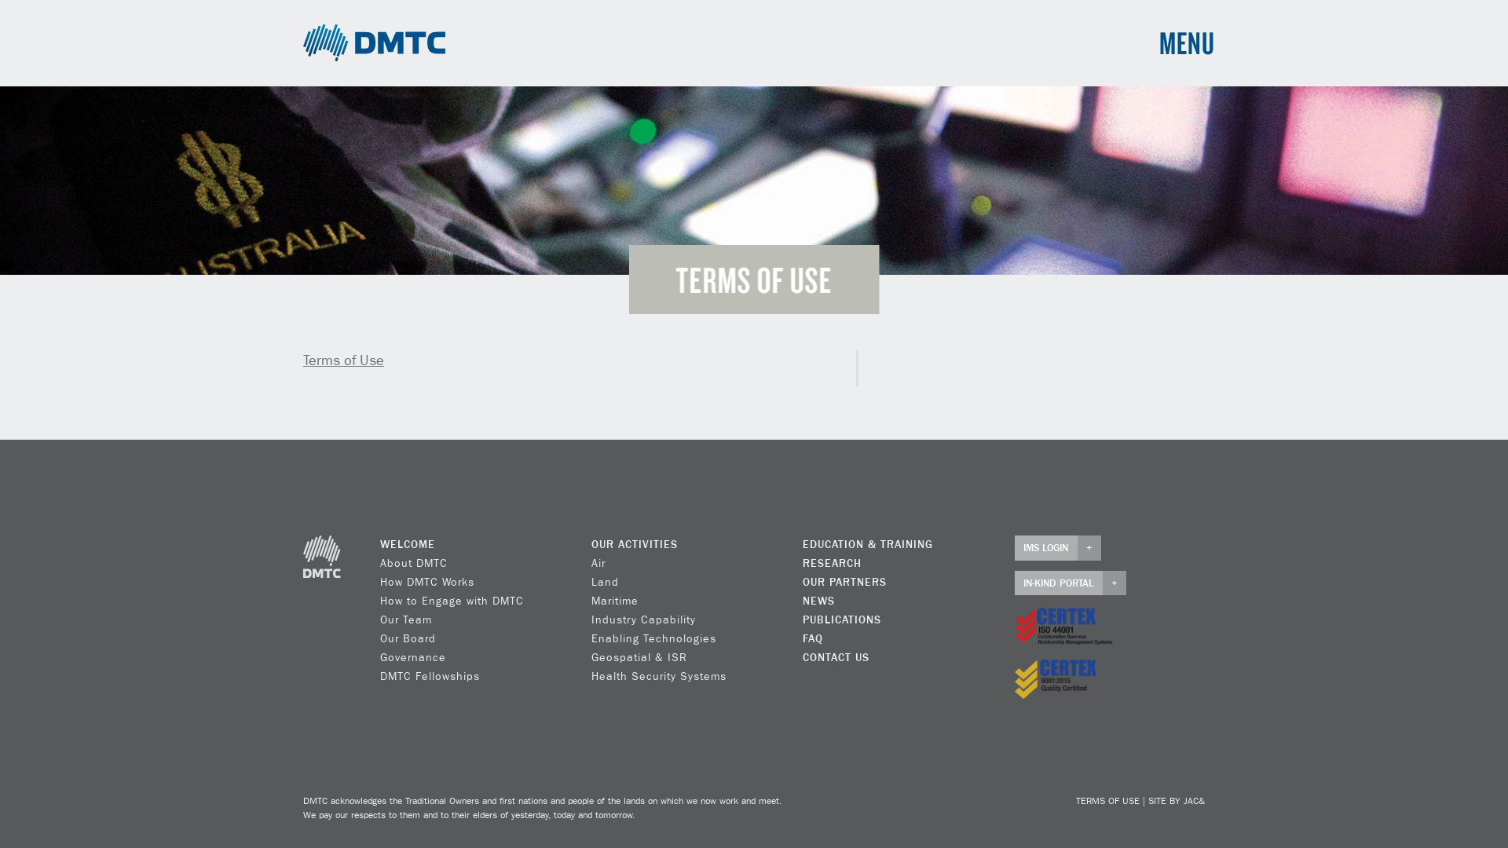  What do you see at coordinates (840, 620) in the screenshot?
I see `'PUBLICATIONS'` at bounding box center [840, 620].